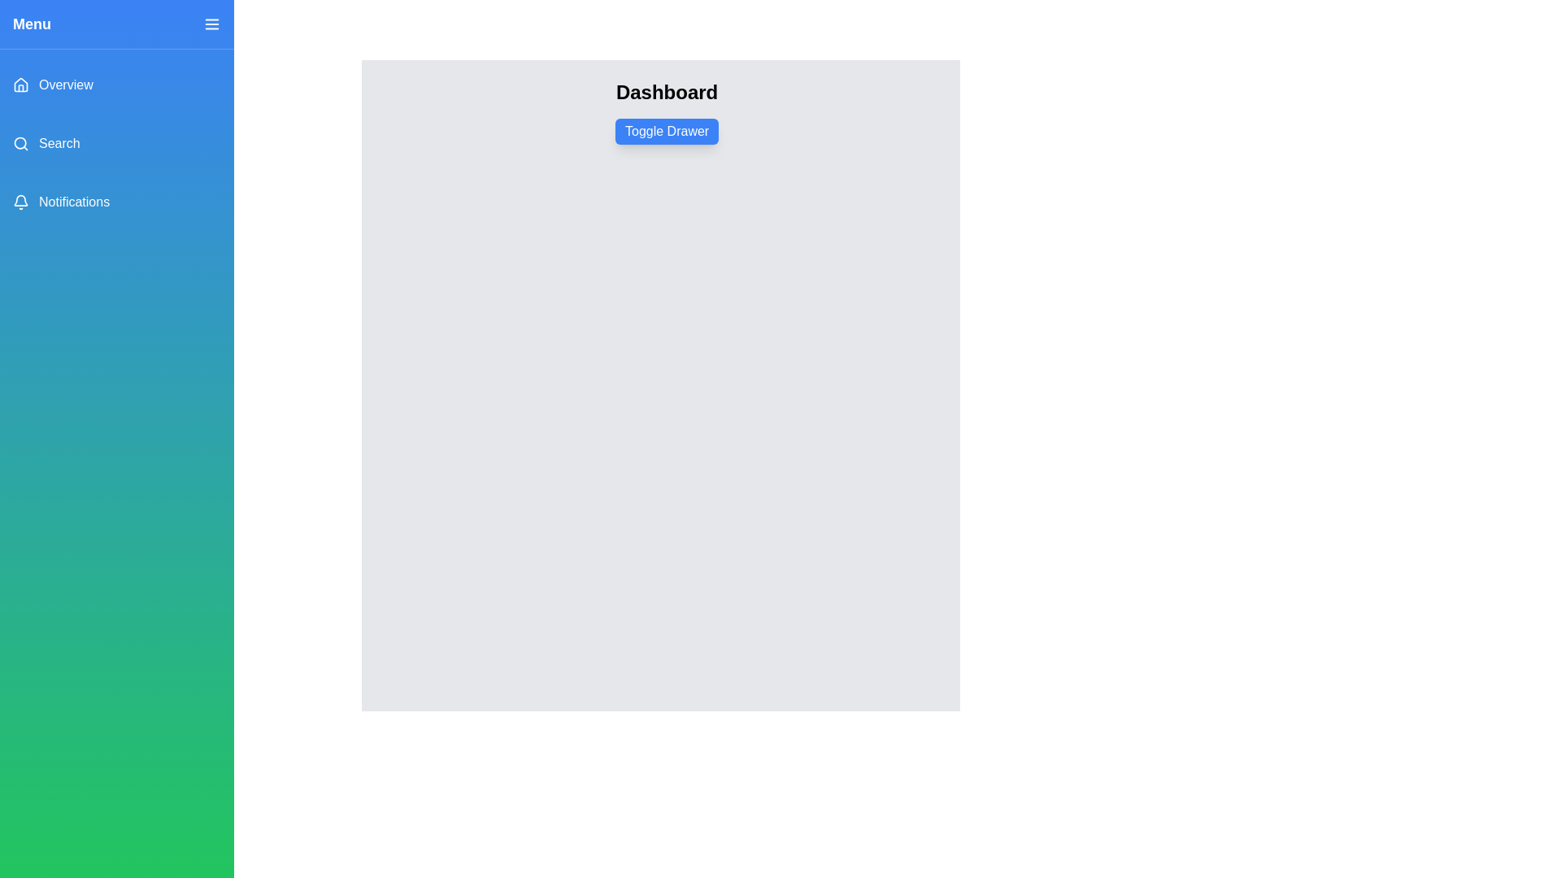  I want to click on the menu item Overview in the drawer, so click(116, 85).